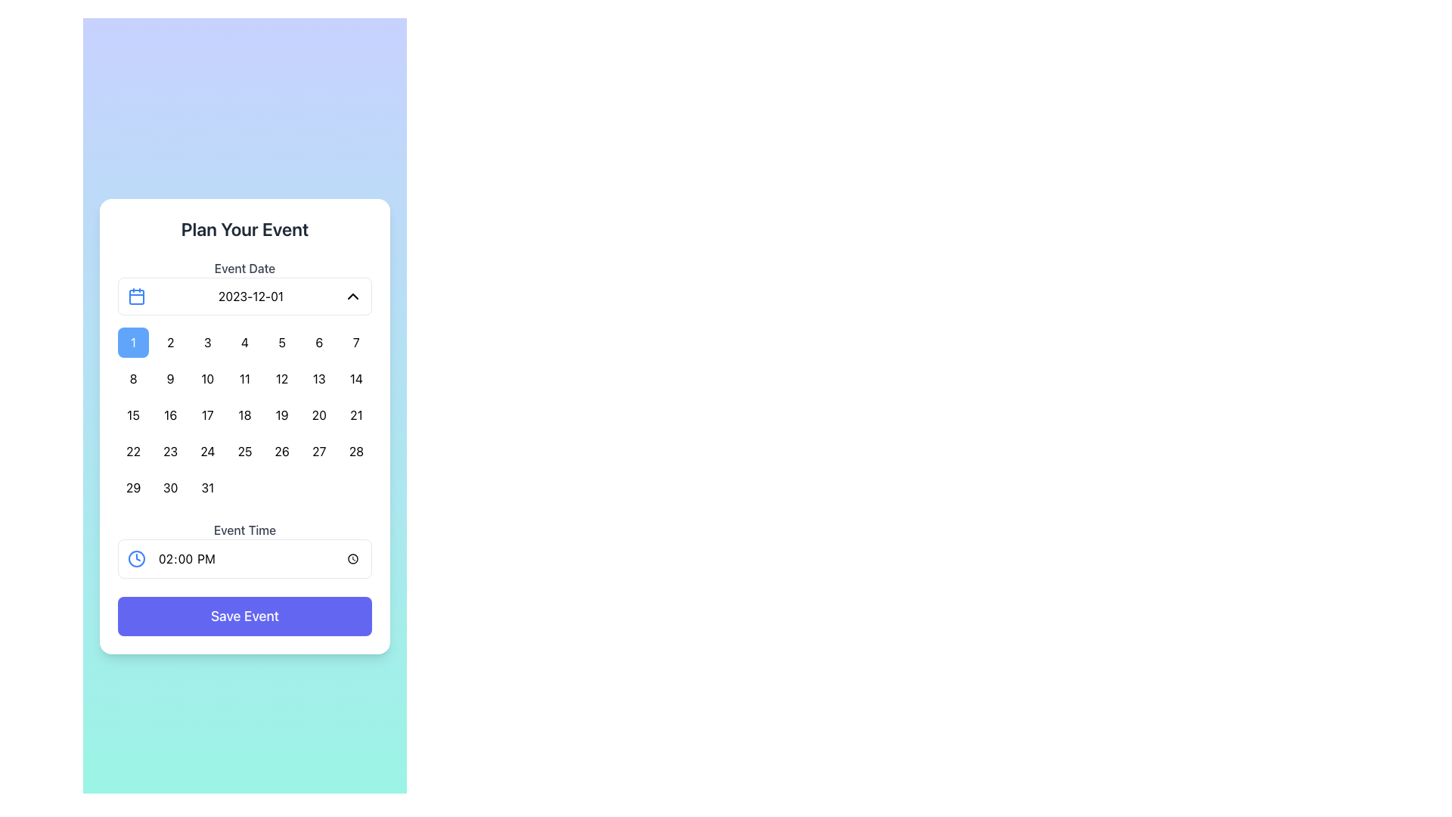  Describe the element at coordinates (355, 415) in the screenshot. I see `the date selector button representing the date '21' in the calendar grid` at that location.